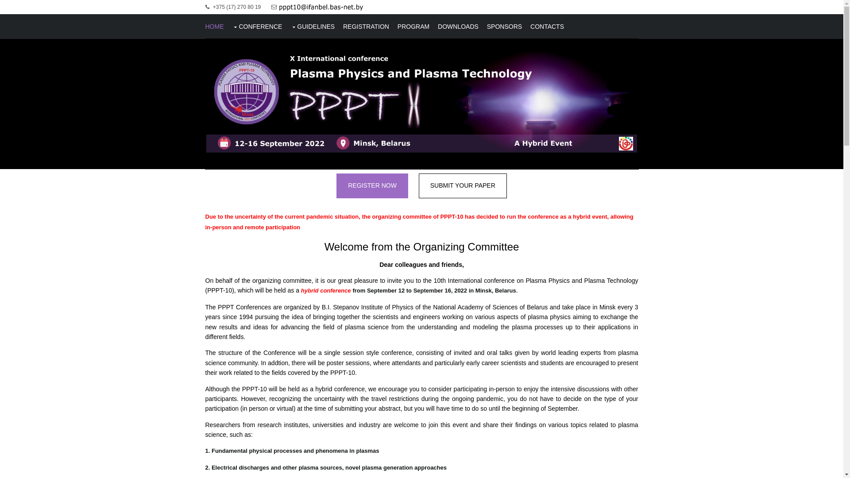 This screenshot has height=478, width=850. What do you see at coordinates (458, 26) in the screenshot?
I see `'DOWNLOADS'` at bounding box center [458, 26].